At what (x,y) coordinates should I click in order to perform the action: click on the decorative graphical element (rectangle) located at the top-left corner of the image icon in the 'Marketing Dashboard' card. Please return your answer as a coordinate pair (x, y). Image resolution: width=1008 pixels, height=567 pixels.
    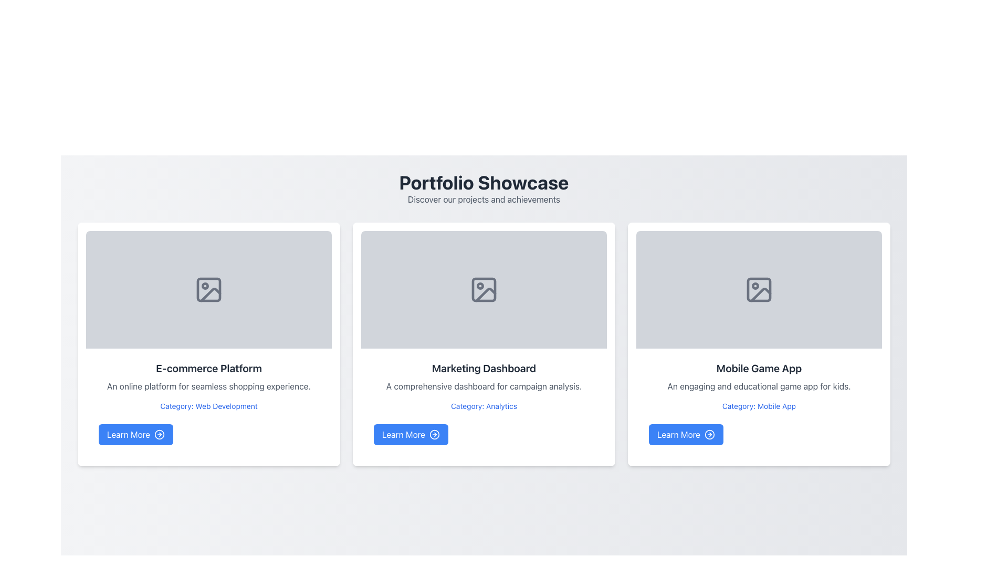
    Looking at the image, I should click on (483, 289).